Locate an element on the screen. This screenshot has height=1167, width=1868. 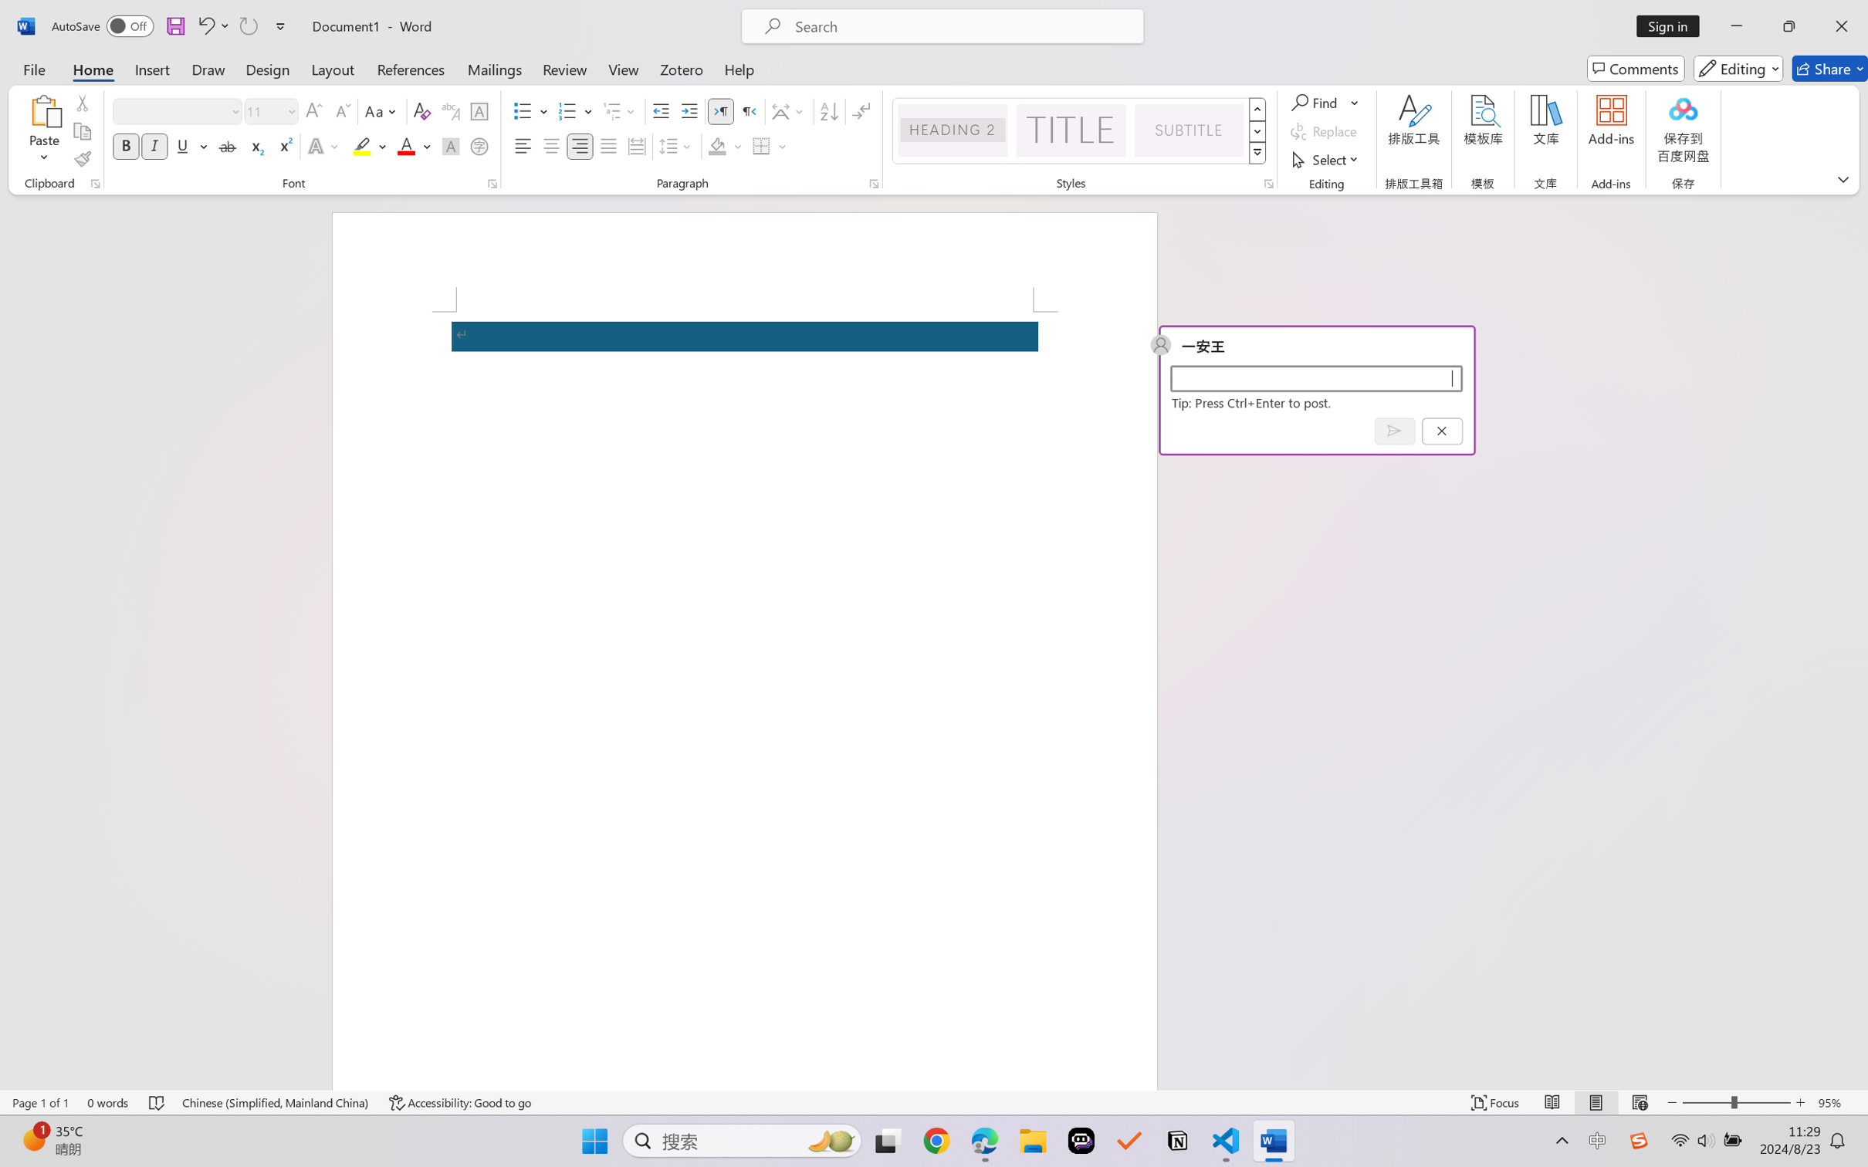
'Start a conversation' is located at coordinates (1315, 378).